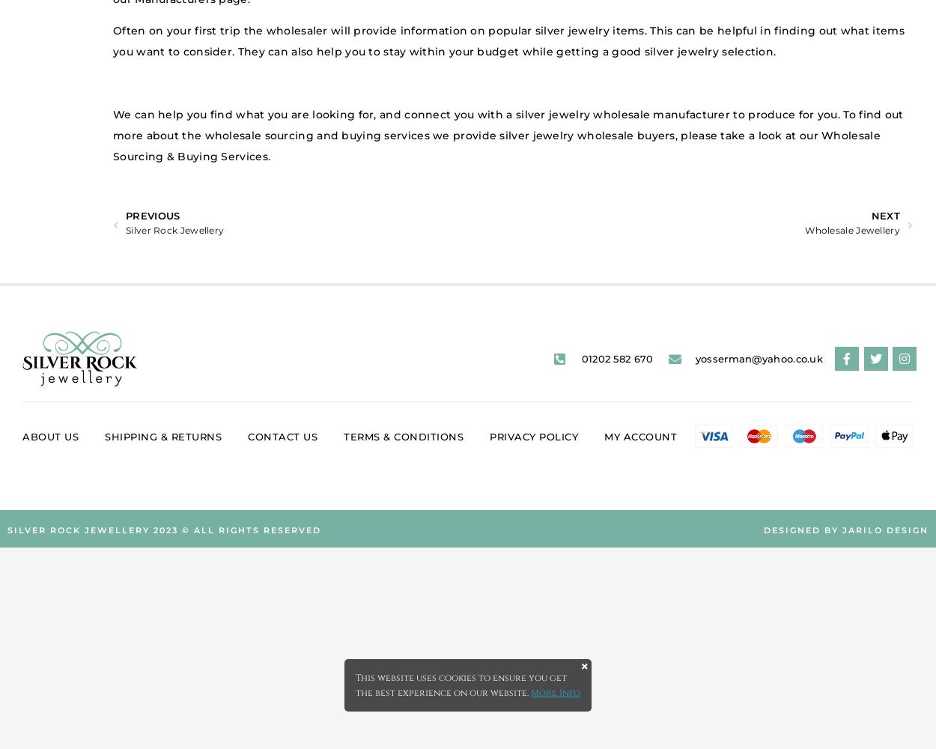 The width and height of the screenshot is (936, 749). Describe the element at coordinates (885, 216) in the screenshot. I see `'Next'` at that location.